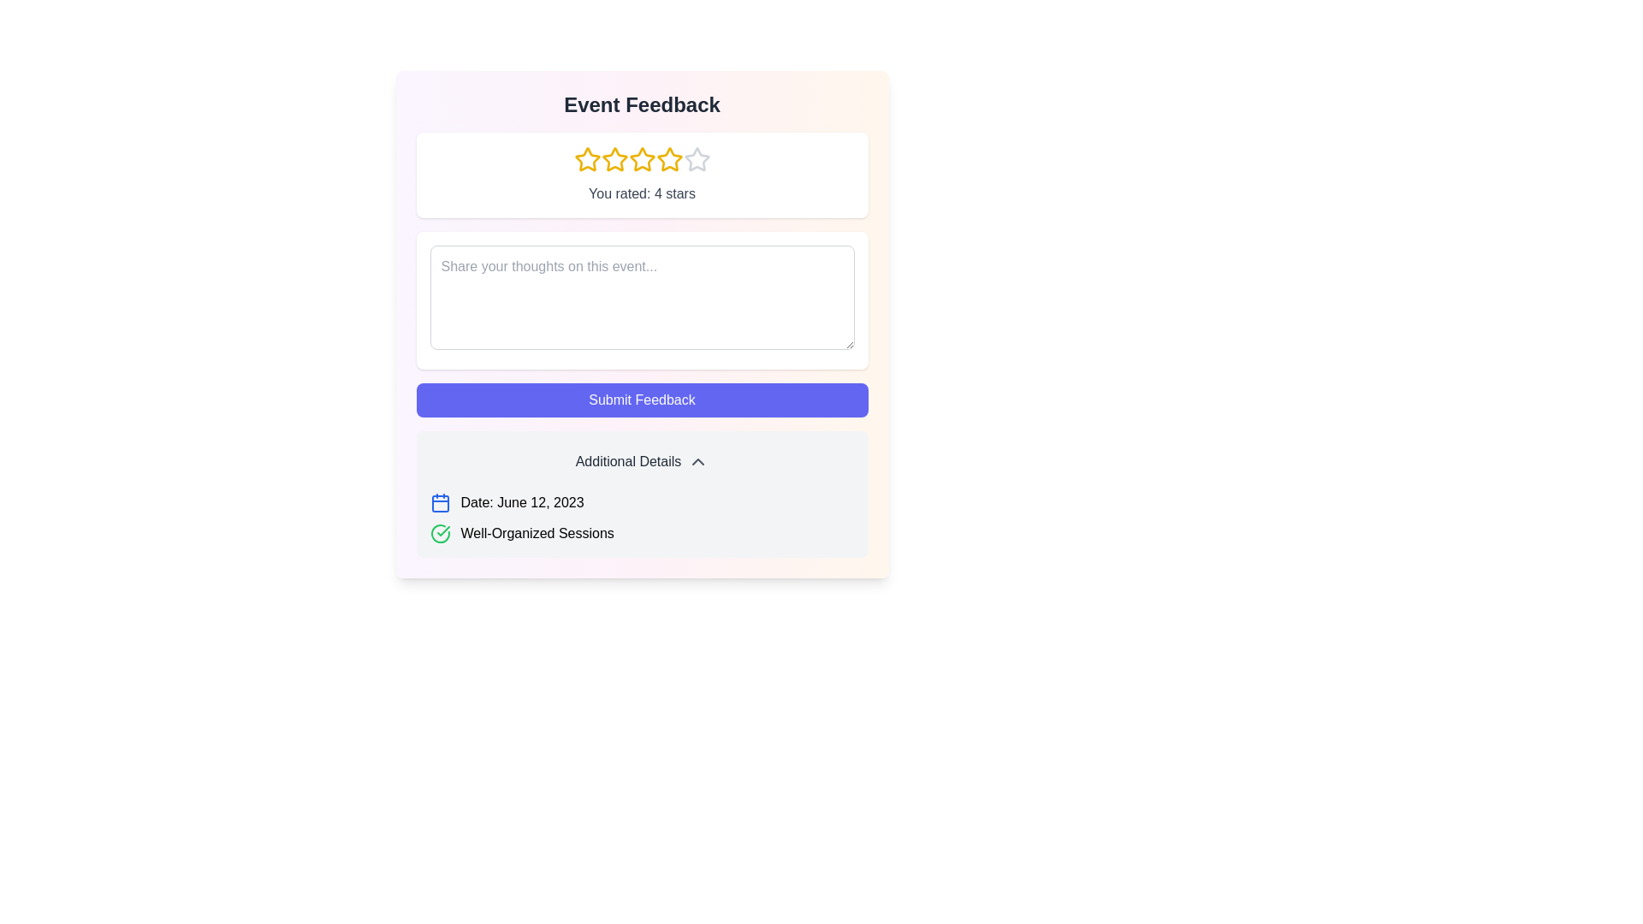 The image size is (1643, 924). What do you see at coordinates (641, 175) in the screenshot?
I see `the displayed feedback rating represented by highlighted stars and a text label located below the 'Event Feedback' heading` at bounding box center [641, 175].